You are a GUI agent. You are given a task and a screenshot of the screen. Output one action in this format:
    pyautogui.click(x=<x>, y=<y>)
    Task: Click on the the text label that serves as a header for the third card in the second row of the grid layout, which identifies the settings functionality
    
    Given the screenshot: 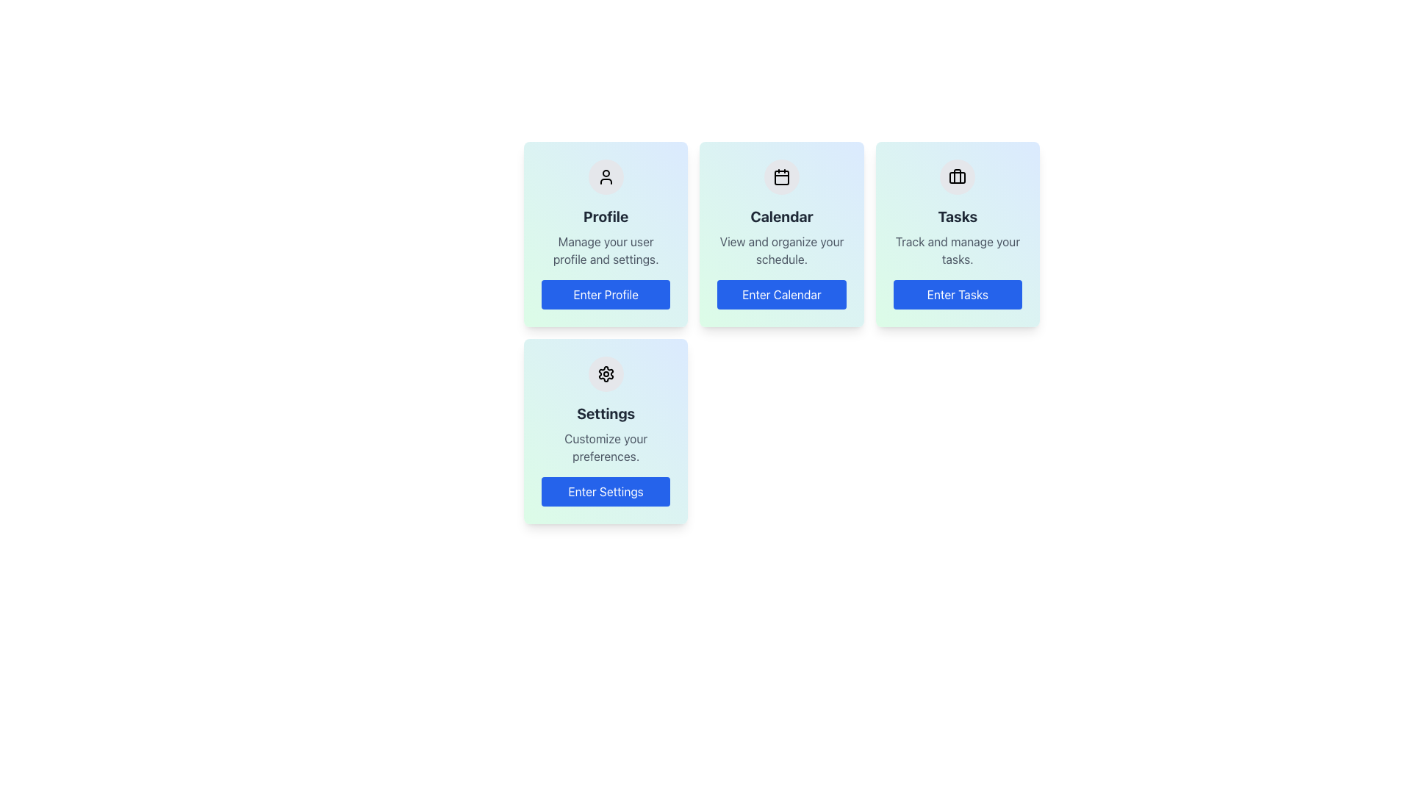 What is the action you would take?
    pyautogui.click(x=606, y=414)
    